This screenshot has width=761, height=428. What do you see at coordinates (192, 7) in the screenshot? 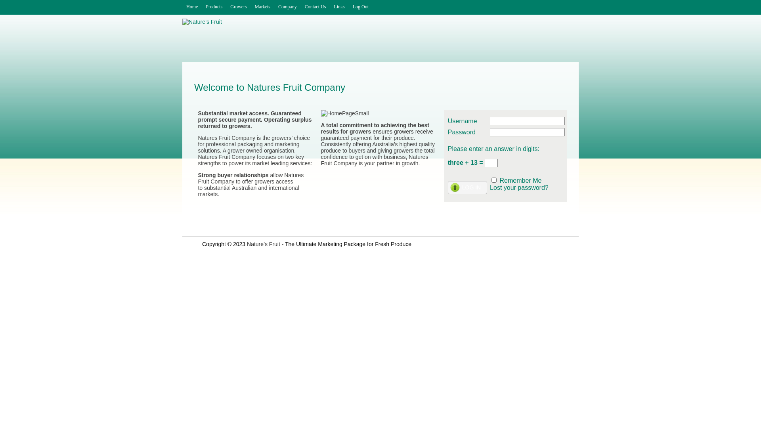
I see `'Home'` at bounding box center [192, 7].